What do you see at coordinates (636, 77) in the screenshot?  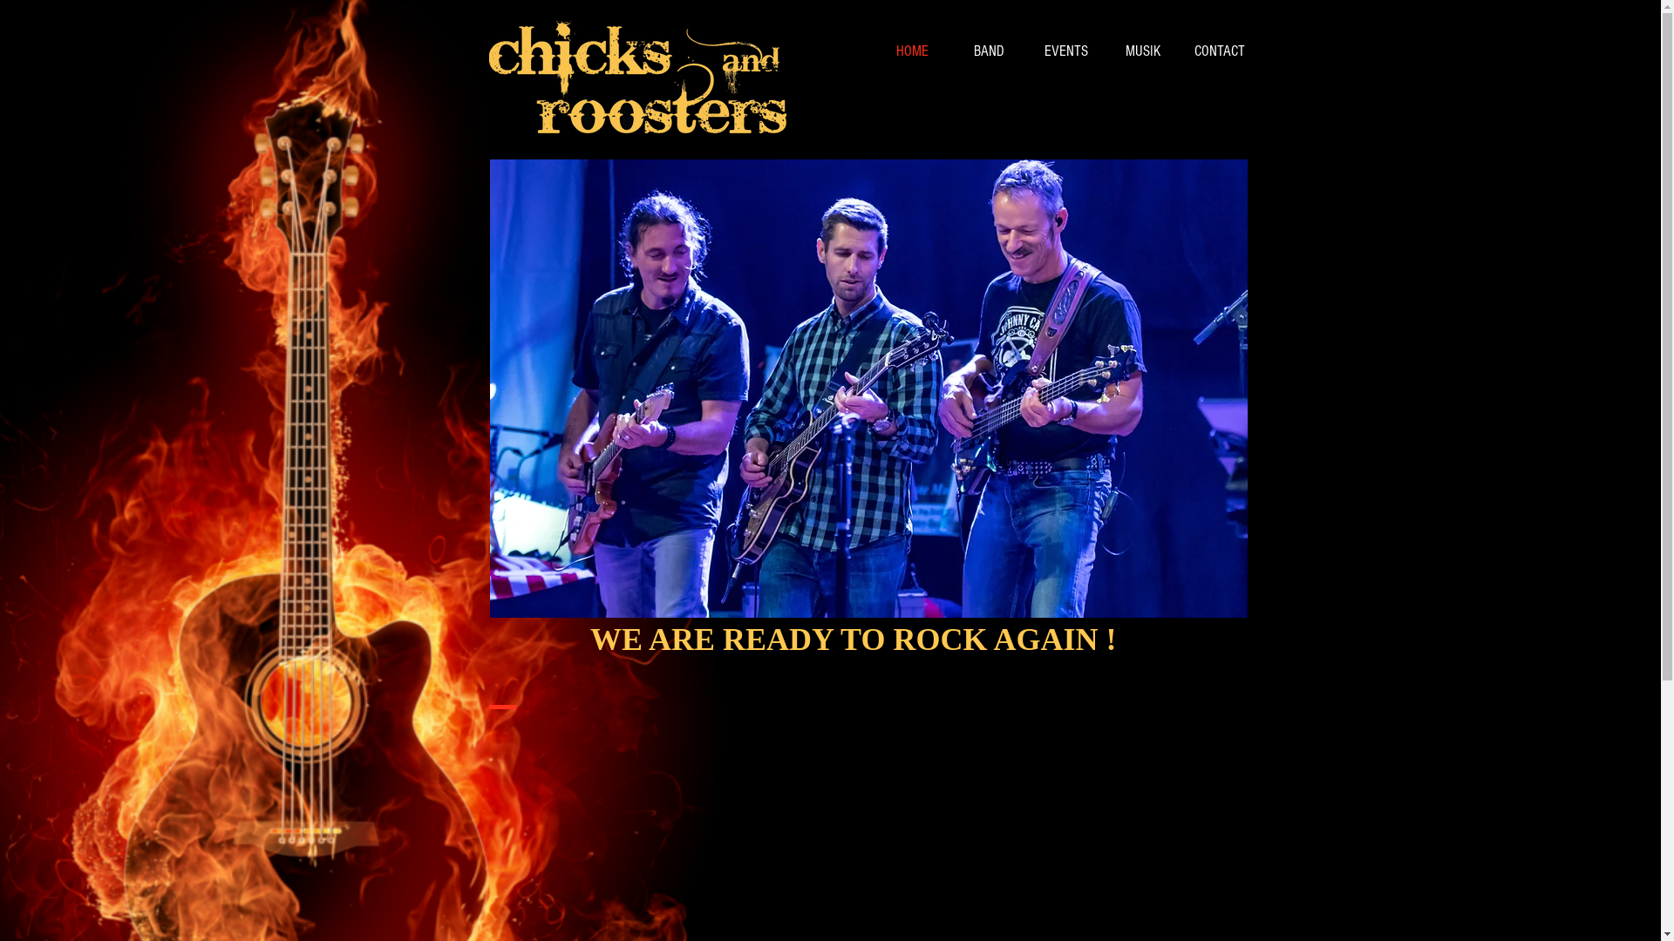 I see `'logo.png'` at bounding box center [636, 77].